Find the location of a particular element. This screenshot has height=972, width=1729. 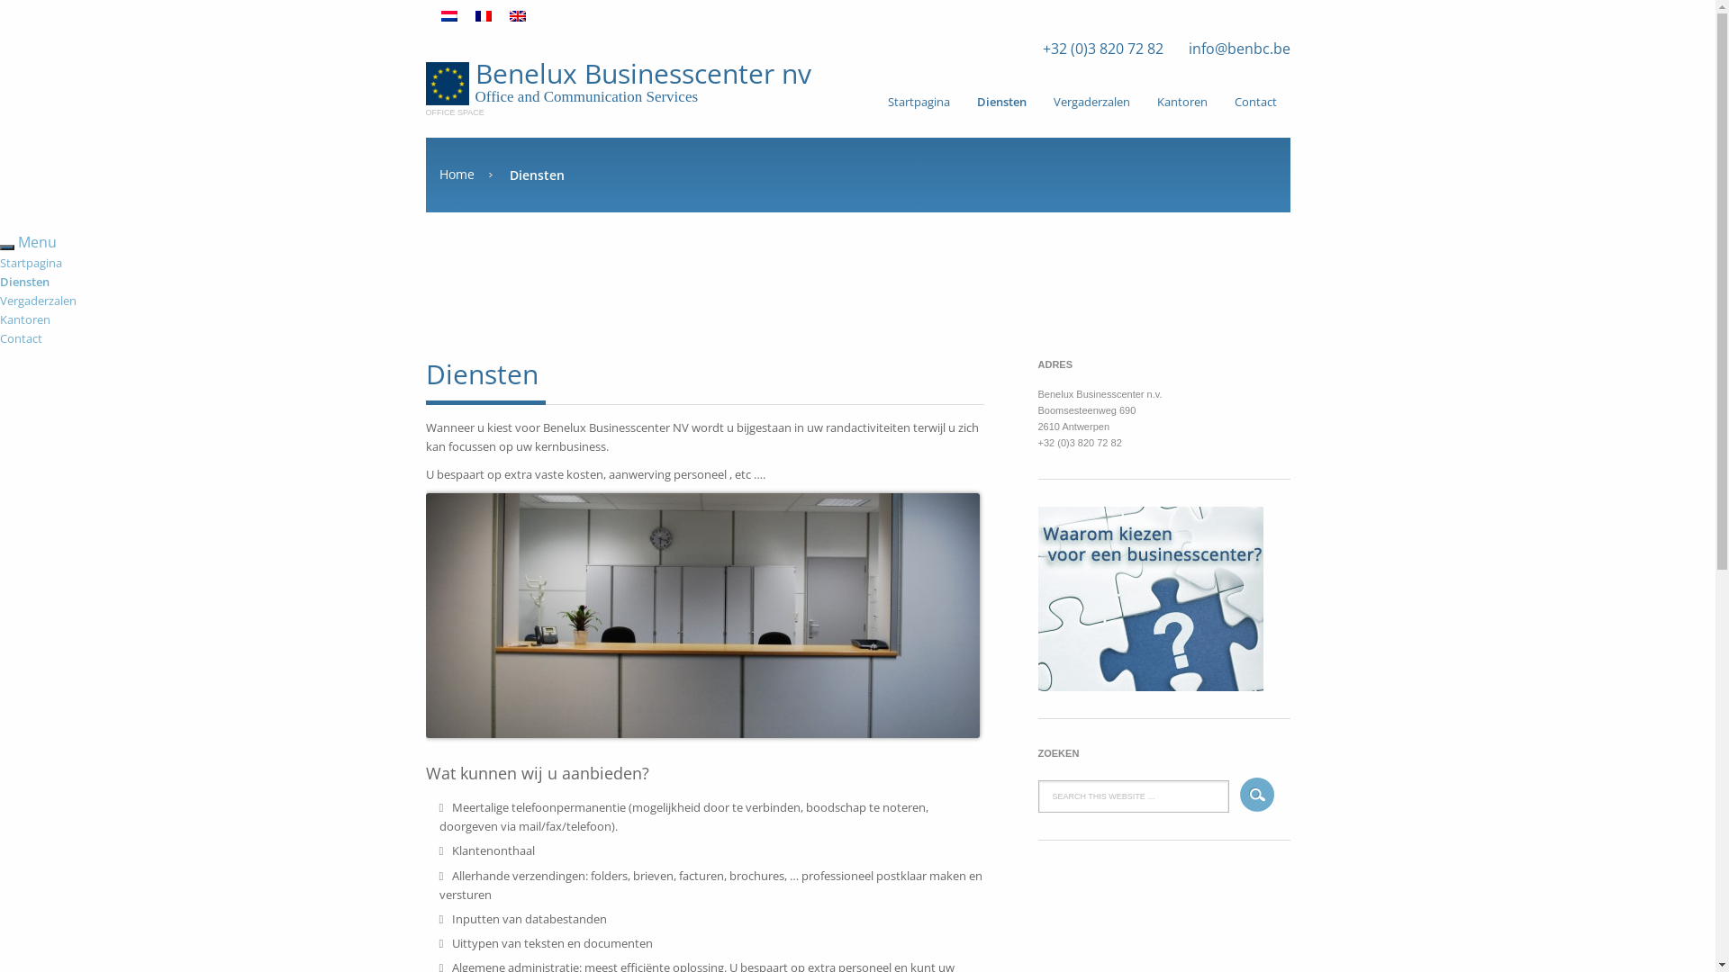

'Kantoren' is located at coordinates (1182, 101).